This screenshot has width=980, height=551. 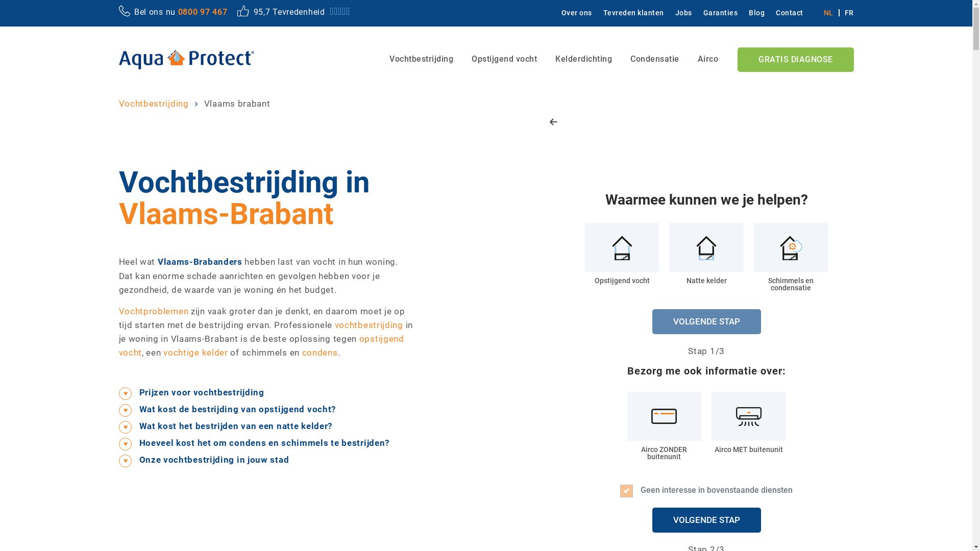 What do you see at coordinates (583, 59) in the screenshot?
I see `'Kelderdichting'` at bounding box center [583, 59].